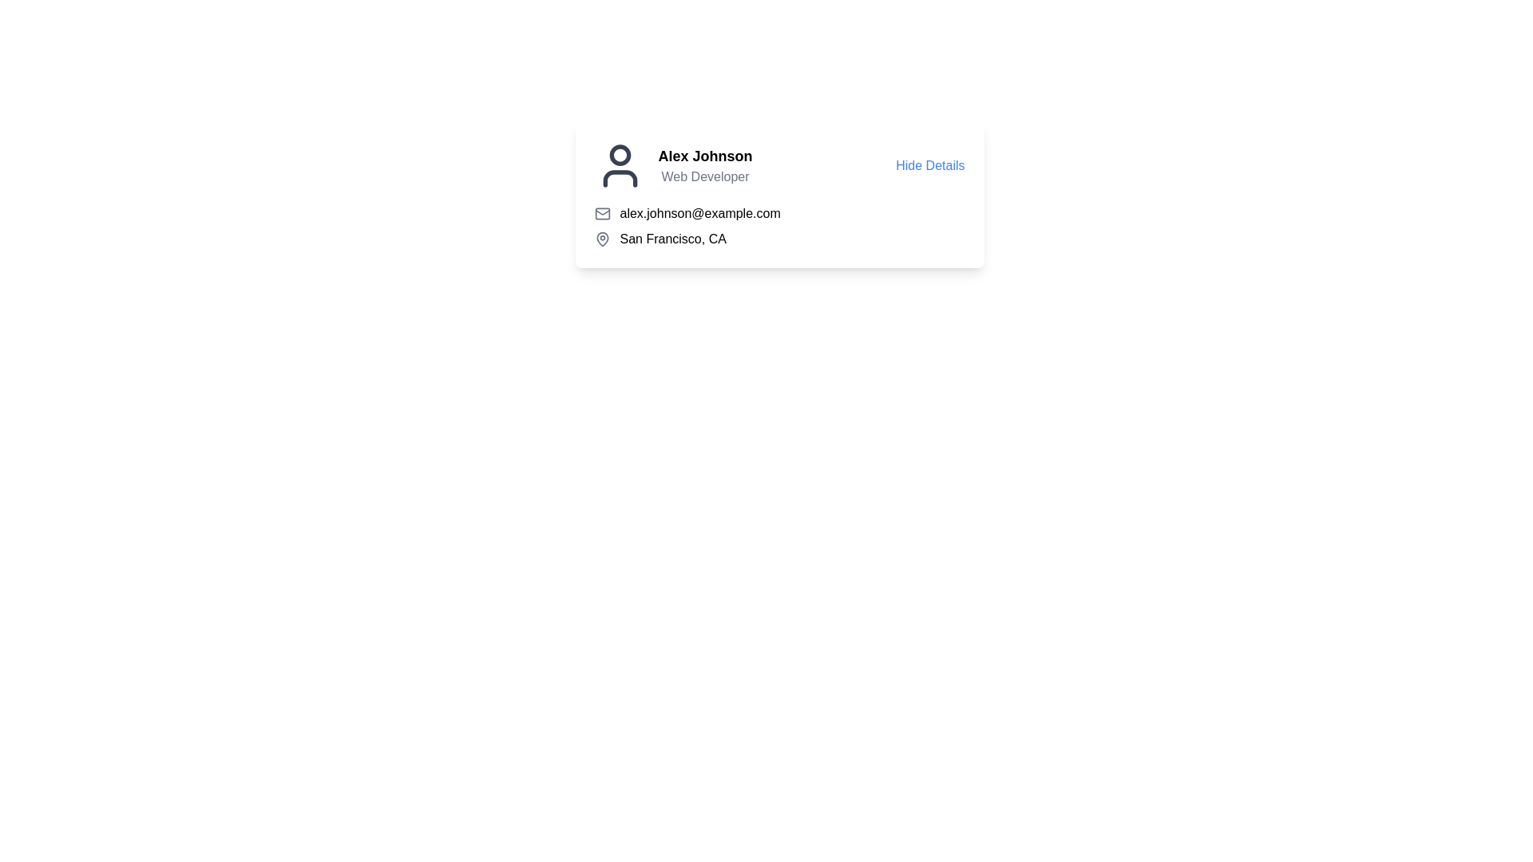 This screenshot has height=862, width=1533. I want to click on the Text label displaying 'Web Developer', which is styled in light gray and located below 'Alex Johnson' within the card layout, so click(704, 177).